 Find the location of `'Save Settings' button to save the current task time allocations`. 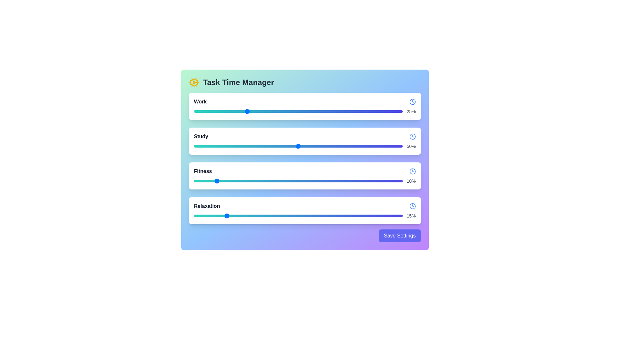

'Save Settings' button to save the current task time allocations is located at coordinates (399, 236).